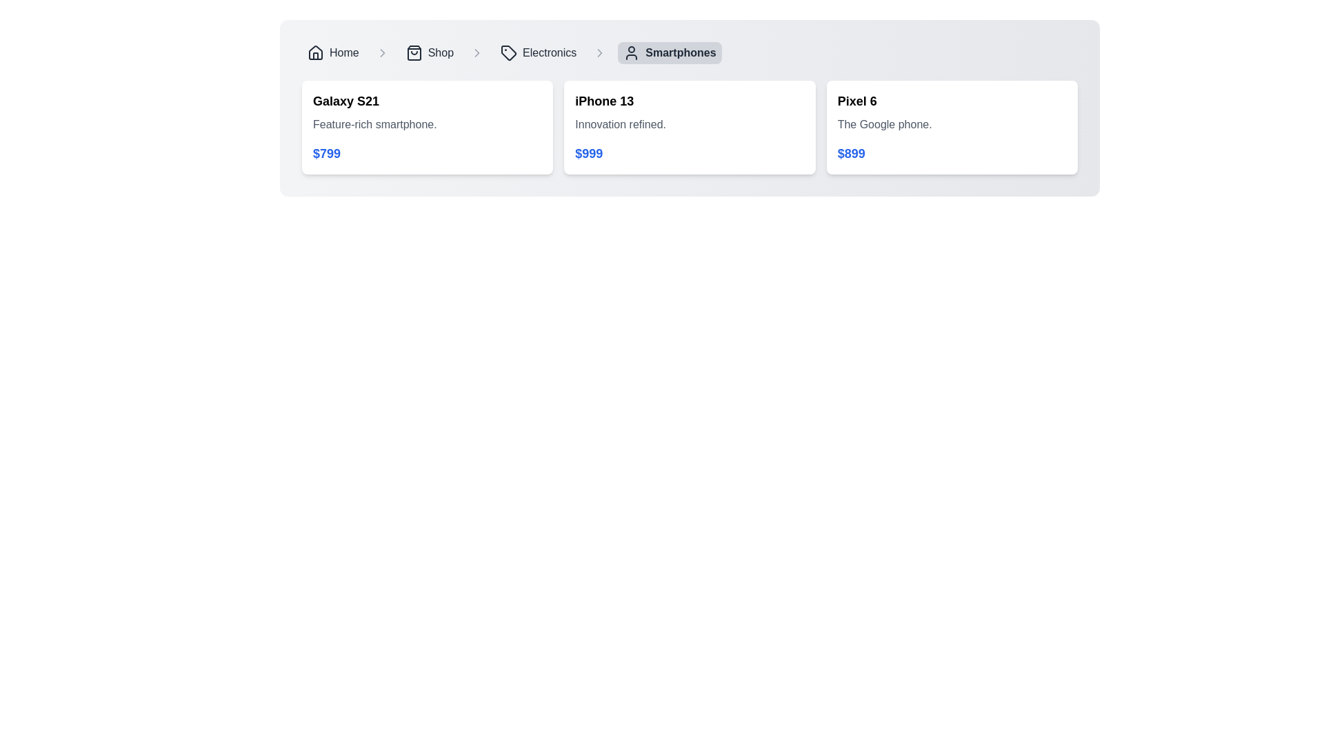 The width and height of the screenshot is (1324, 745). I want to click on the Breadcrumb navigation item that signifies the current page, which is the last entry following 'Home,' 'Shop,' and 'Electronics', so click(670, 52).